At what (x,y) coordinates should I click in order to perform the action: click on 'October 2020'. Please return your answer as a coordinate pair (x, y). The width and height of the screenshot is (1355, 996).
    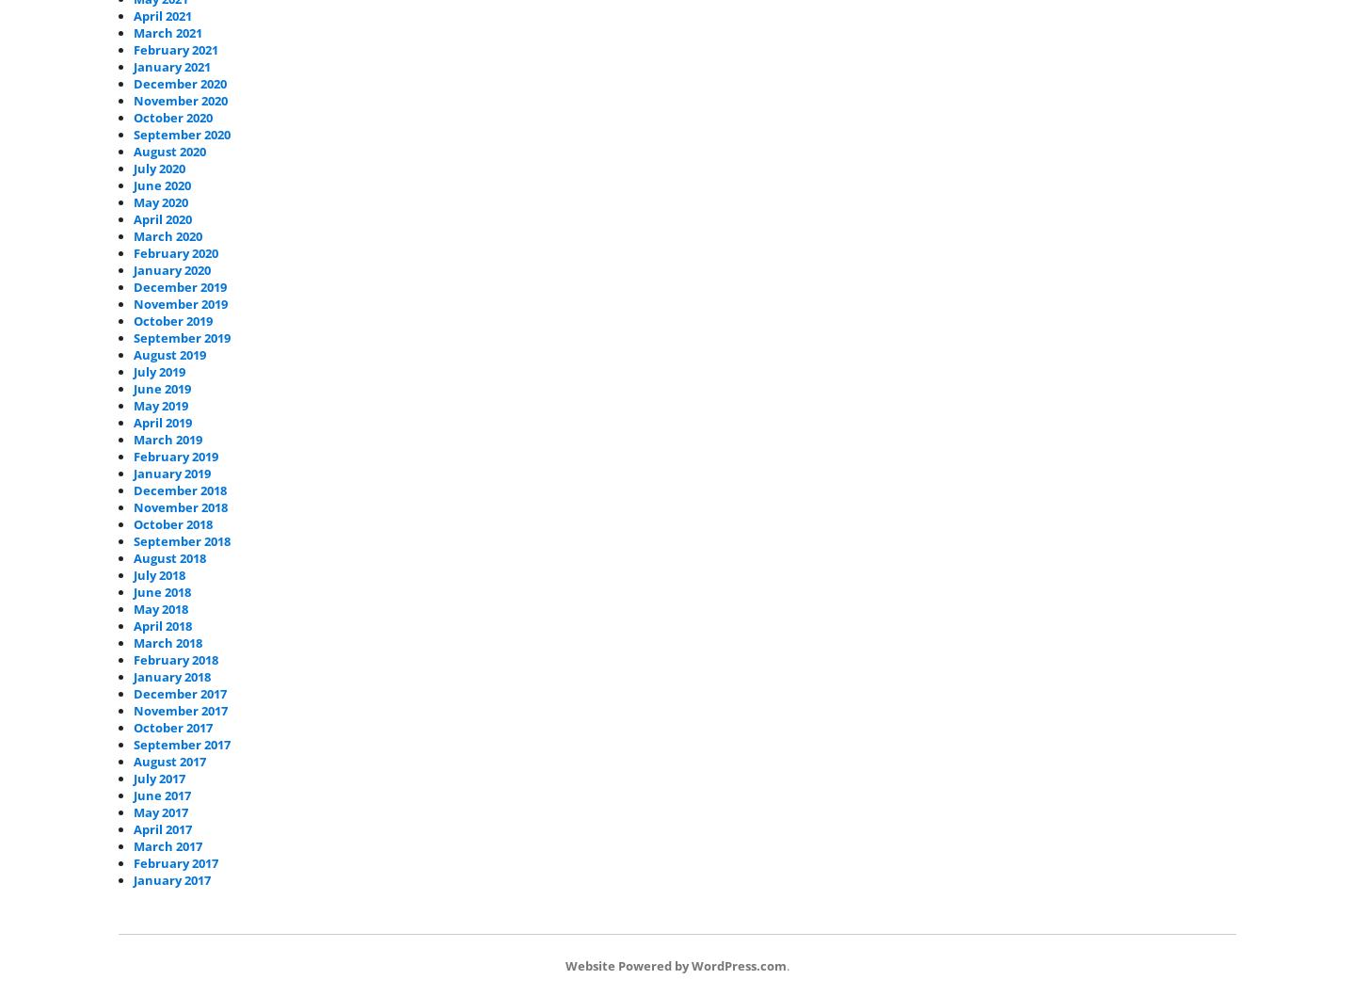
    Looking at the image, I should click on (173, 115).